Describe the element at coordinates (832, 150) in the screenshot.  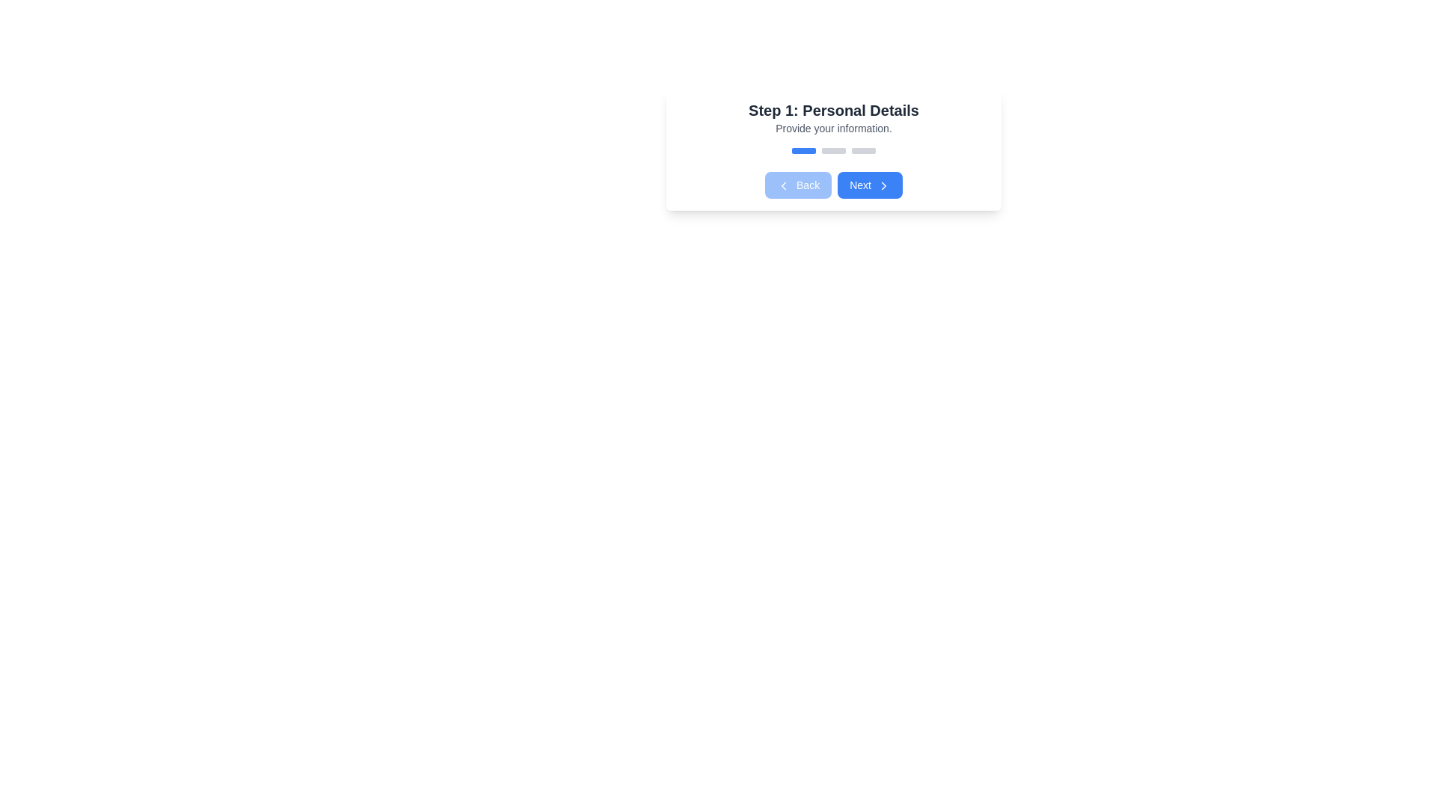
I see `the second progress indicator segment, which is part of a multi-step process interface, located beneath the 'Step 1: Personal Details' header` at that location.